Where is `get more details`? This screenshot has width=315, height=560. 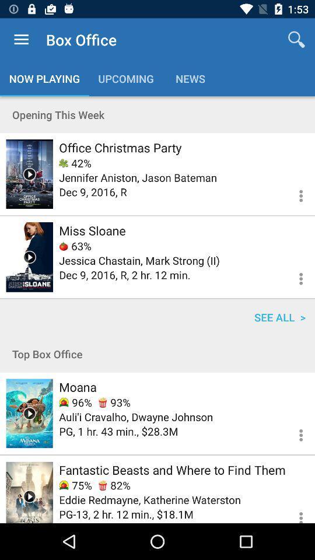
get more details is located at coordinates (293, 433).